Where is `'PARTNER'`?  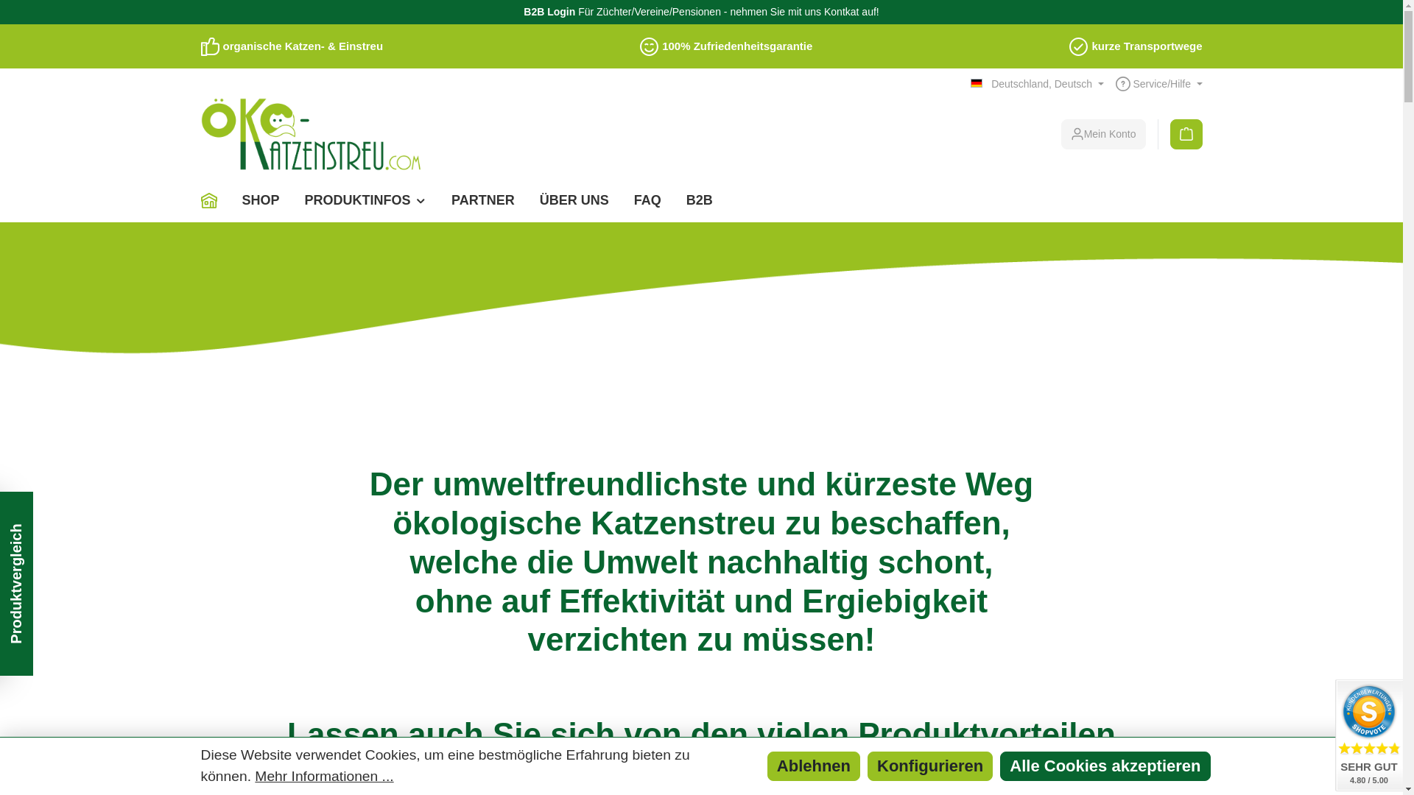
'PARTNER' is located at coordinates (483, 200).